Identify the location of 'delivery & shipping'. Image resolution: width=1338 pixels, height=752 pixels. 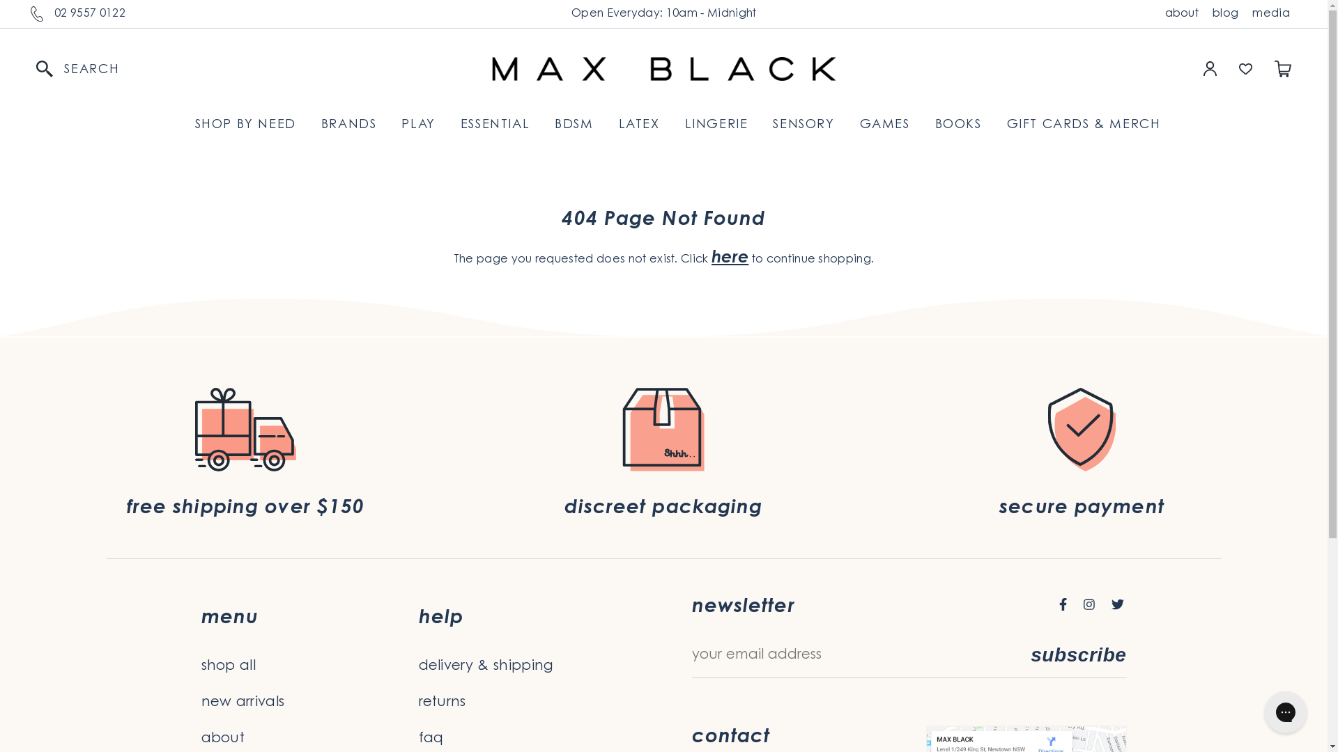
(525, 665).